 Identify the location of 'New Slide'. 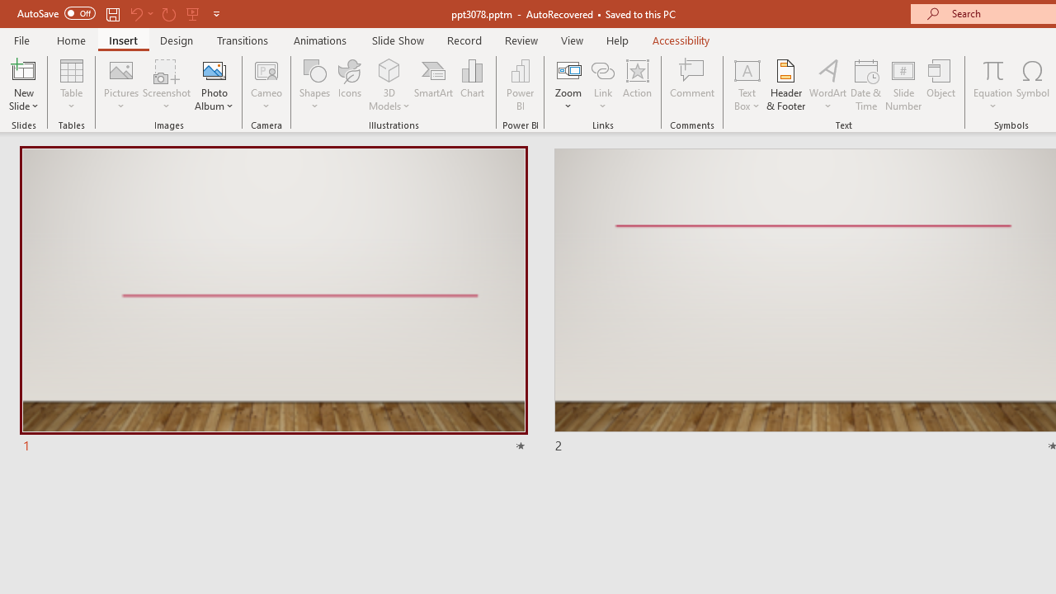
(23, 85).